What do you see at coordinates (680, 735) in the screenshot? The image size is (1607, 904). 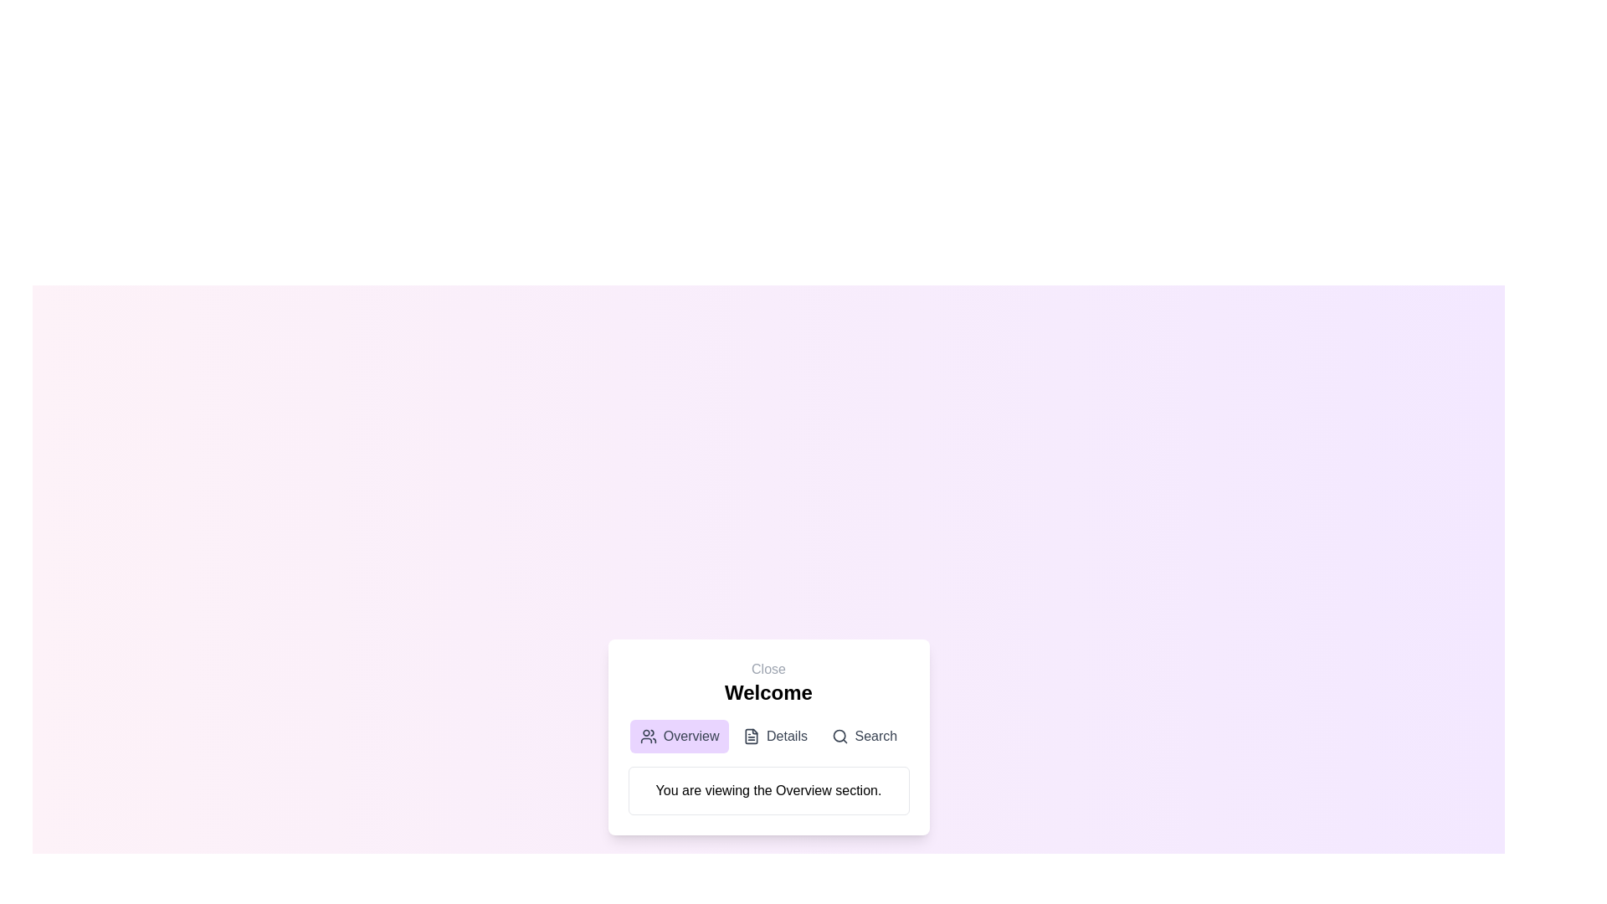 I see `the Overview tab in the EnhancedDialog component` at bounding box center [680, 735].